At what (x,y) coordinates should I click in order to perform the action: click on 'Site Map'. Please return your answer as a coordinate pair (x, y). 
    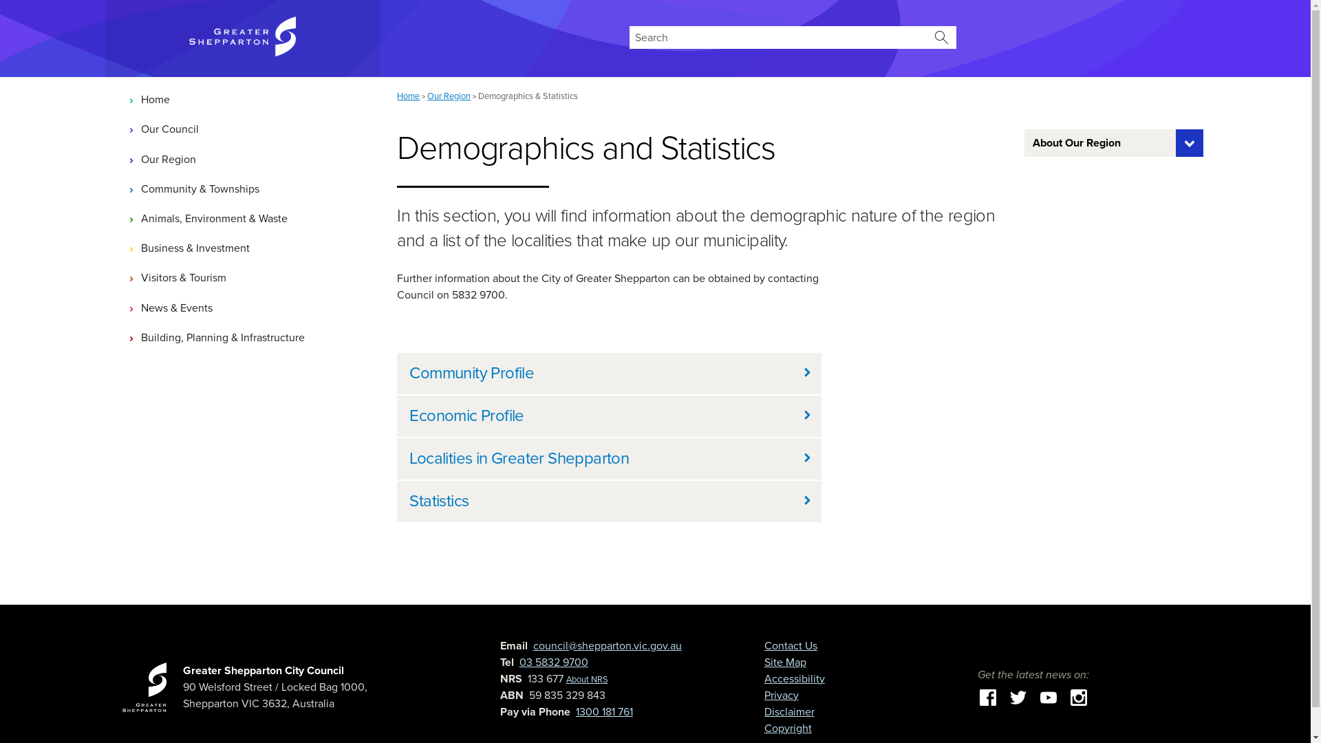
    Looking at the image, I should click on (785, 662).